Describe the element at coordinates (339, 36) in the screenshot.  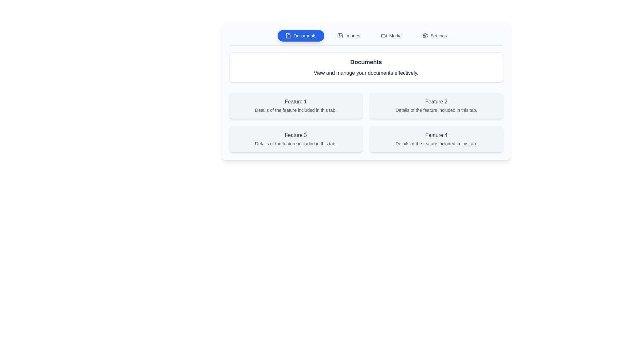
I see `the 'Images' icon in the navigation menu, which is located near the left side of the 'Images' tab, preceding the text label 'Images'` at that location.